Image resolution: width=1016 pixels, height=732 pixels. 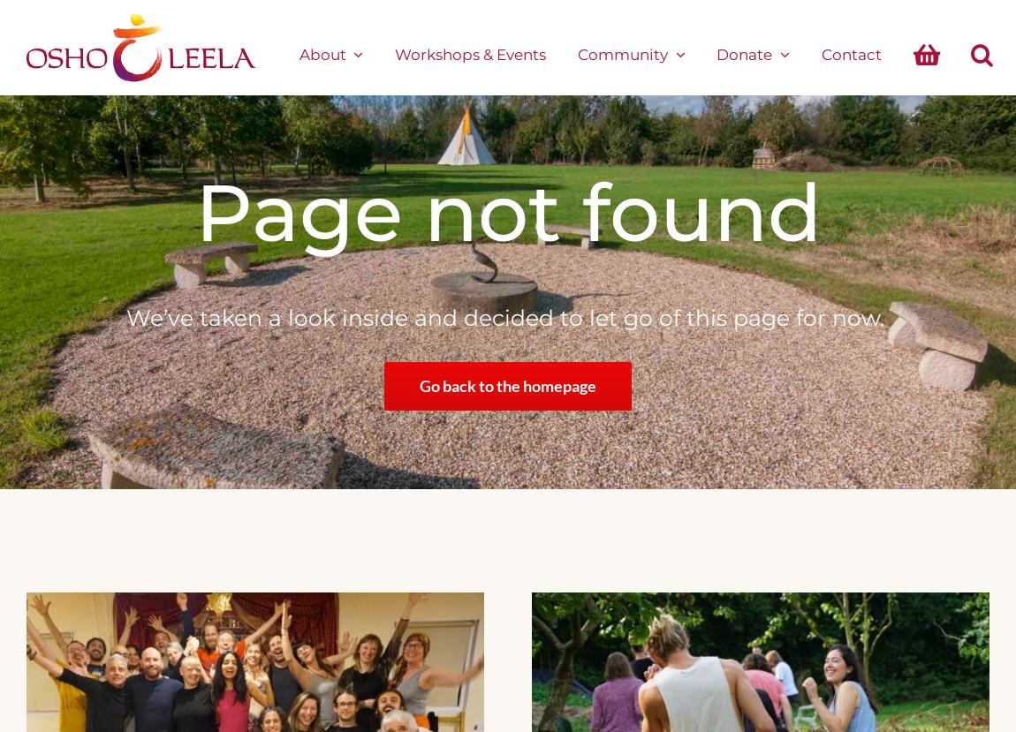 What do you see at coordinates (493, 115) in the screenshot?
I see `'Vouchers'` at bounding box center [493, 115].